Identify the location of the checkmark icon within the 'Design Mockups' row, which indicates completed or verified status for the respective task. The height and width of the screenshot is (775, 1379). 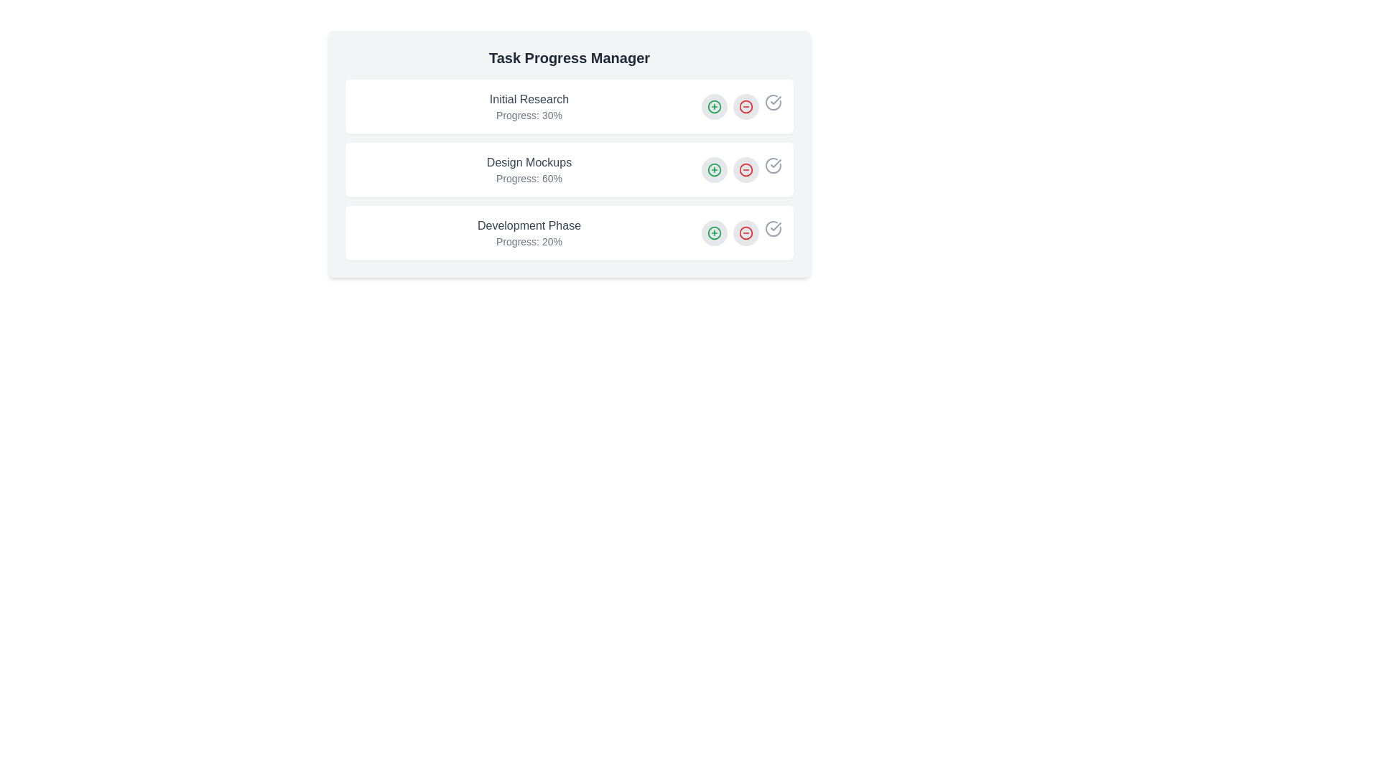
(775, 162).